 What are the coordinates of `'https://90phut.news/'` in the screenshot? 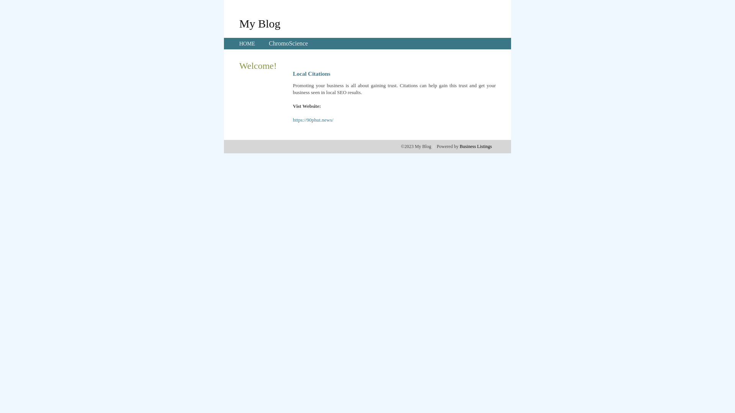 It's located at (292, 120).